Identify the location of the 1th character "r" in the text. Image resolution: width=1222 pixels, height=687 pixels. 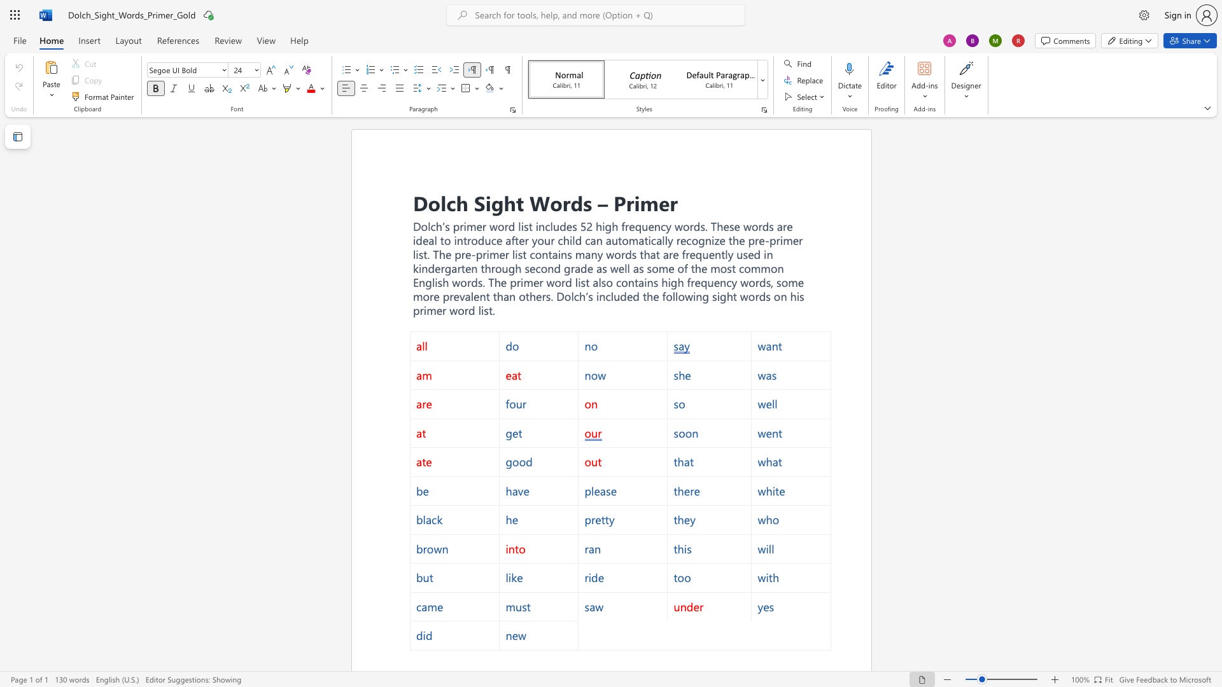
(687, 254).